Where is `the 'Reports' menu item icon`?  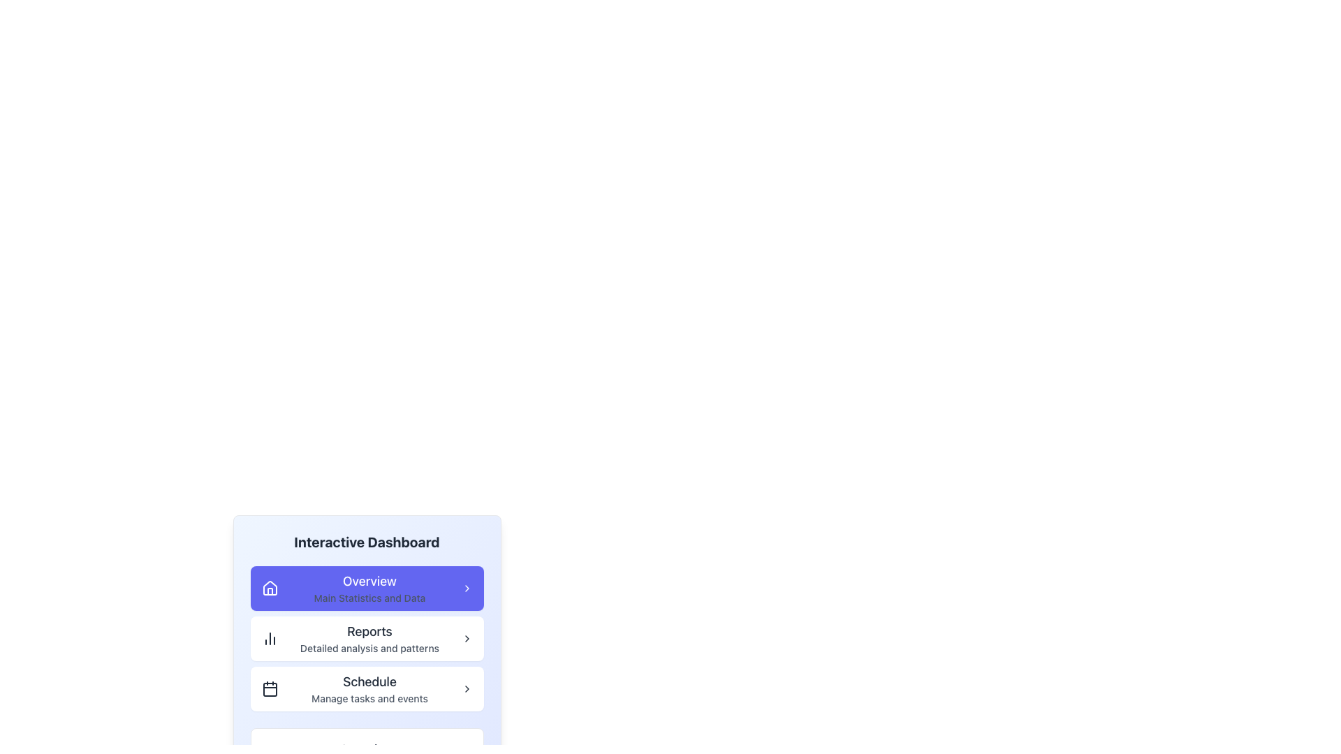
the 'Reports' menu item icon is located at coordinates (270, 638).